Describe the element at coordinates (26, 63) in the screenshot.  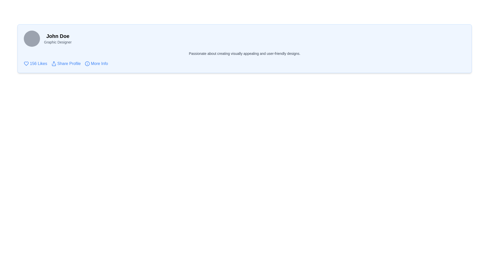
I see `the like icon located at the leftmost side of the '156 Likes' text to mark it as liked` at that location.